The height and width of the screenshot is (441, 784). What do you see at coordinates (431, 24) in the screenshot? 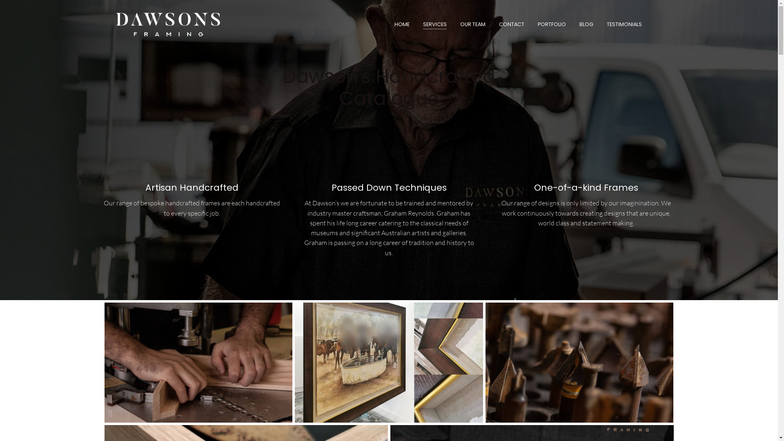
I see `'SERVICES'` at bounding box center [431, 24].